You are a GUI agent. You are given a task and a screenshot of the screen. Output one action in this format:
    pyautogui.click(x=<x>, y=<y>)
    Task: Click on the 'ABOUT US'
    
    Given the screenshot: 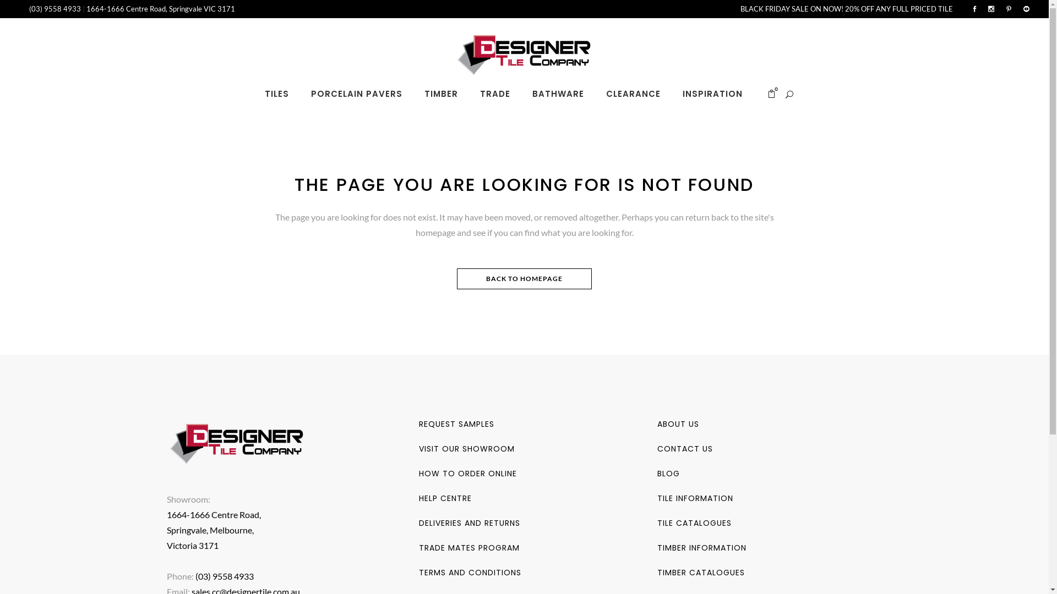 What is the action you would take?
    pyautogui.click(x=678, y=424)
    